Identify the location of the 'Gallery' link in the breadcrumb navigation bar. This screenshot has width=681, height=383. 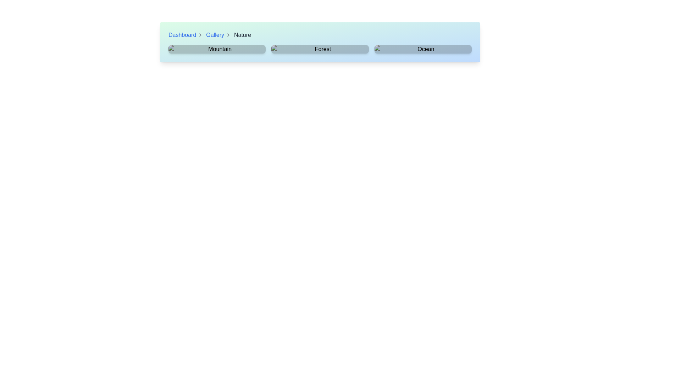
(218, 35).